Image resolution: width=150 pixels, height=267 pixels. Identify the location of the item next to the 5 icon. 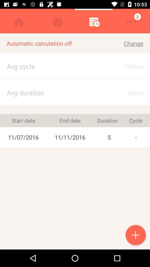
(70, 120).